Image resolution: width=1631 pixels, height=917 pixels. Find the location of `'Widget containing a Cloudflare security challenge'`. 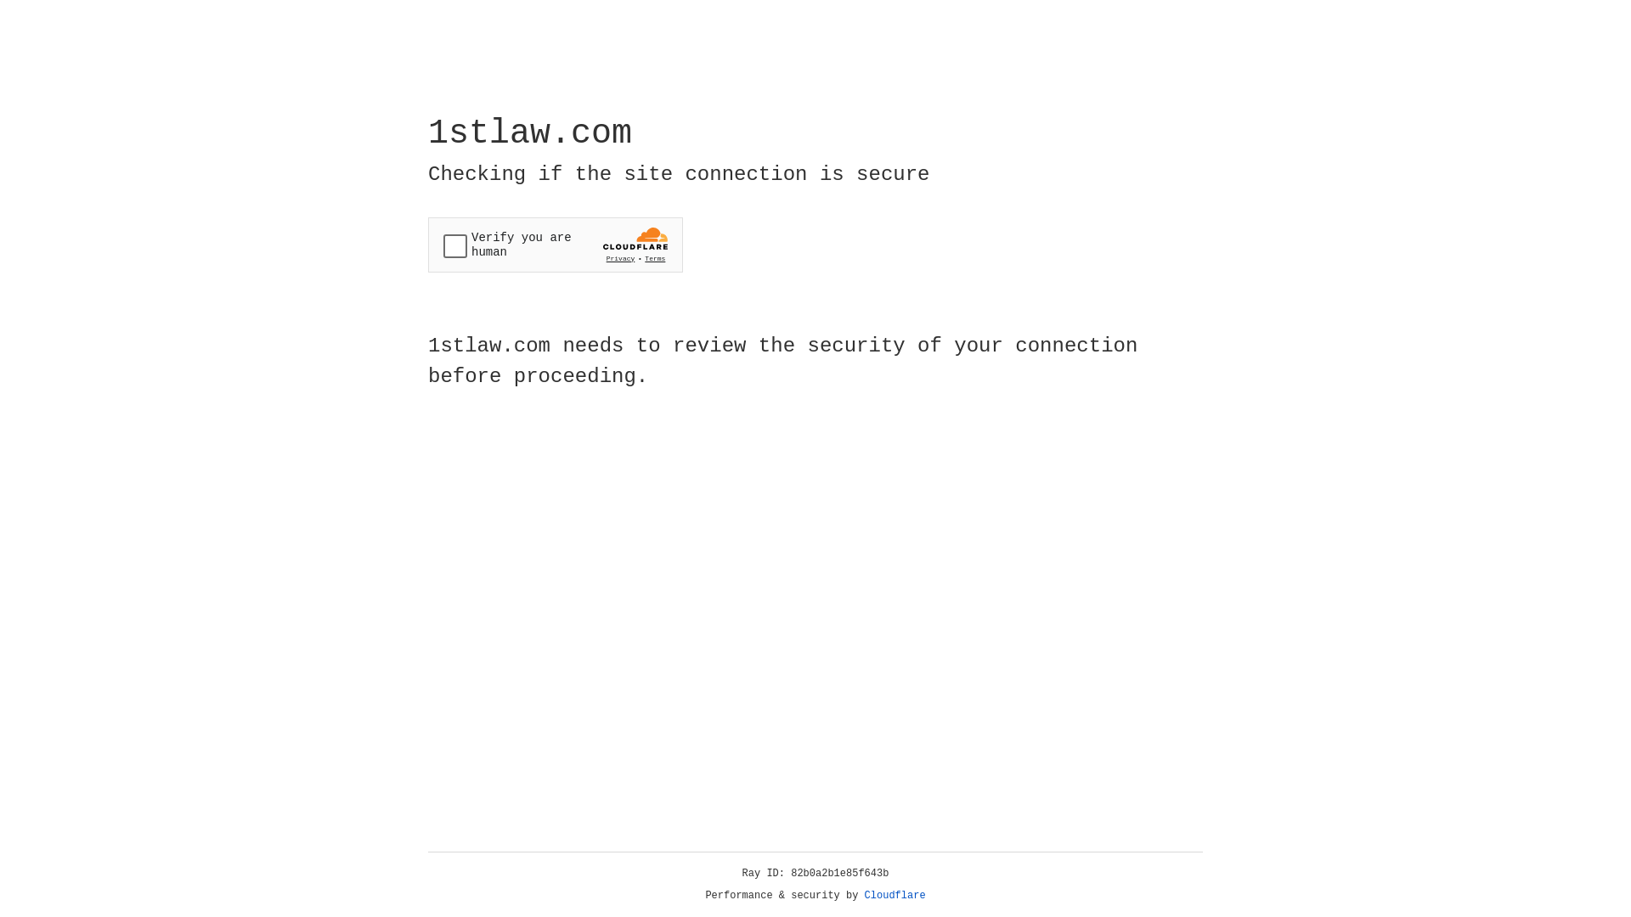

'Widget containing a Cloudflare security challenge' is located at coordinates (555, 245).